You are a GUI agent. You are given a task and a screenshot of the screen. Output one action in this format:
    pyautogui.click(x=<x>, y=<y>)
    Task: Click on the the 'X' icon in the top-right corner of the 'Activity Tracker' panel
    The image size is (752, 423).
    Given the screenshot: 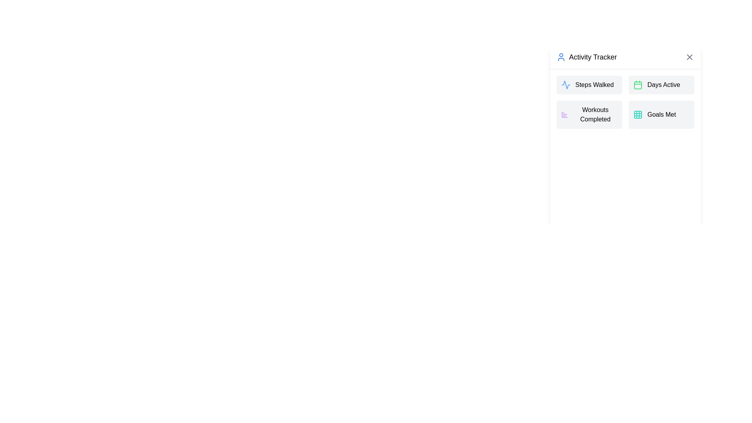 What is the action you would take?
    pyautogui.click(x=690, y=57)
    